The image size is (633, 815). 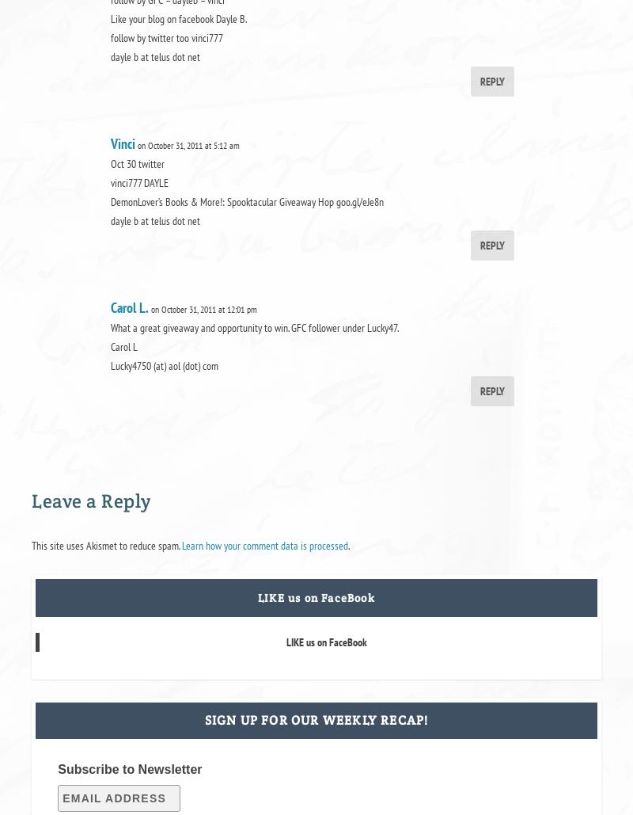 I want to click on 'Leave a Reply', so click(x=89, y=500).